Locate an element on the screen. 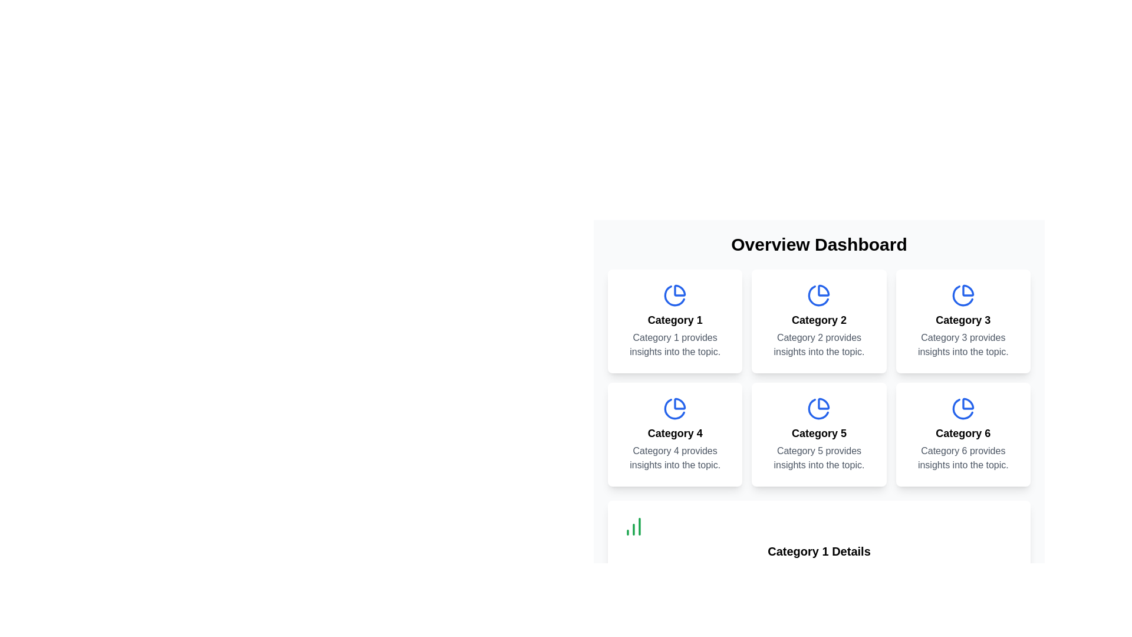  the clickable card representing 'Category 6' in the bottom-right corner of the dashboard to trigger a visual effect or tooltip is located at coordinates (963, 434).